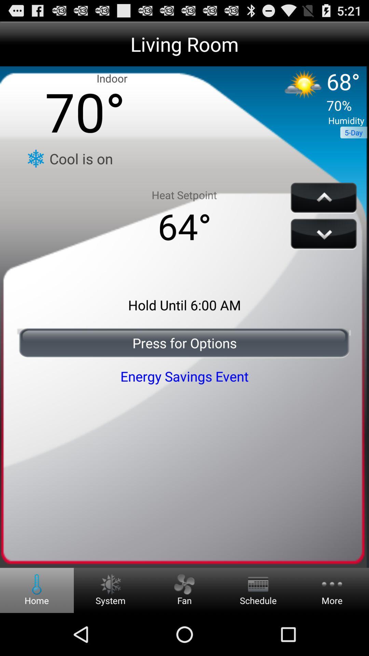  I want to click on the icon next to the indoor, so click(317, 93).